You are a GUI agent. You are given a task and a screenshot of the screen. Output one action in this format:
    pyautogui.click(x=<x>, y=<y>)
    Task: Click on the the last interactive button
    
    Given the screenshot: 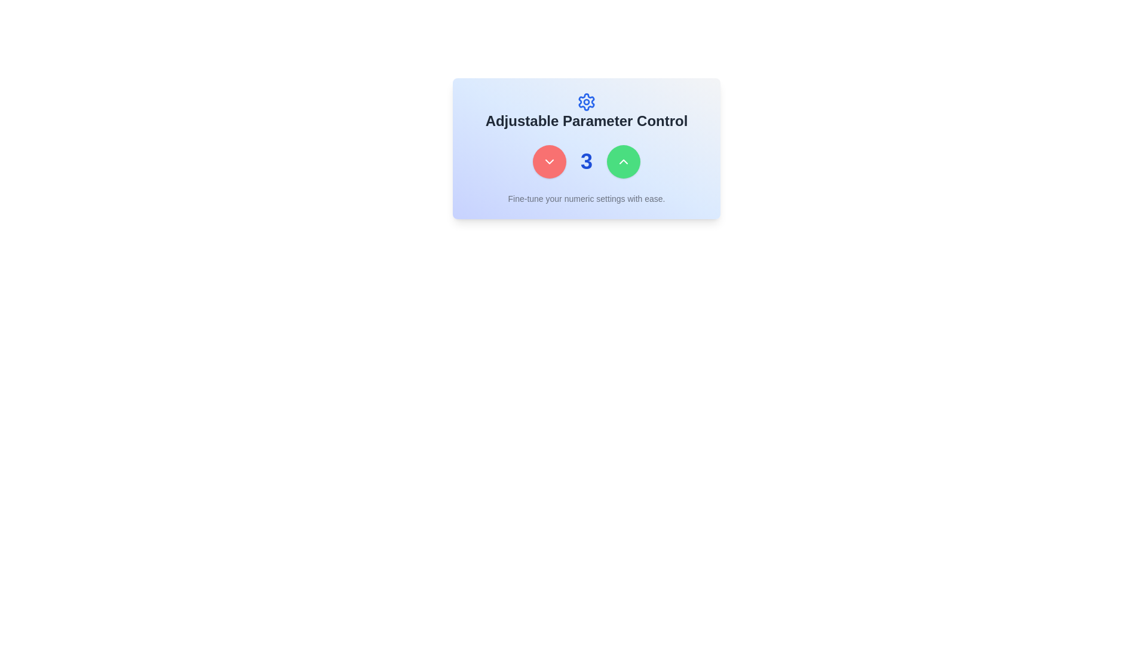 What is the action you would take?
    pyautogui.click(x=623, y=161)
    